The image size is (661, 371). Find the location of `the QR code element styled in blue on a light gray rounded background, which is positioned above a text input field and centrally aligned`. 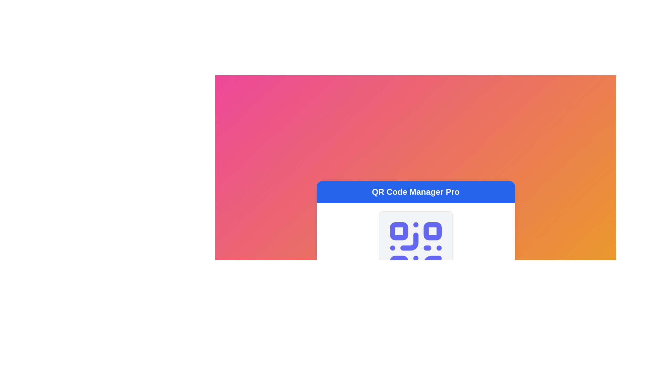

the QR code element styled in blue on a light gray rounded background, which is positioned above a text input field and centrally aligned is located at coordinates (415, 248).